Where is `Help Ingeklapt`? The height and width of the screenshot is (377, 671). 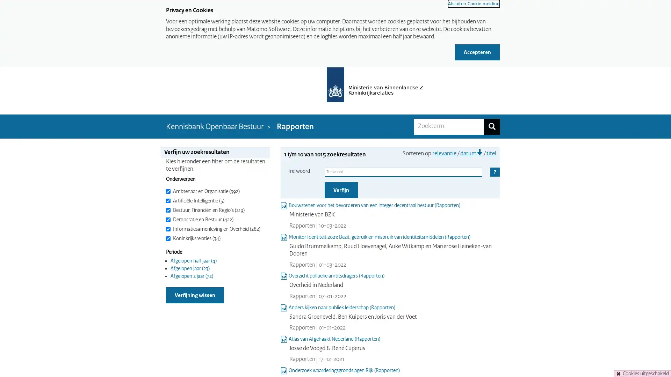
Help Ingeklapt is located at coordinates (494, 172).